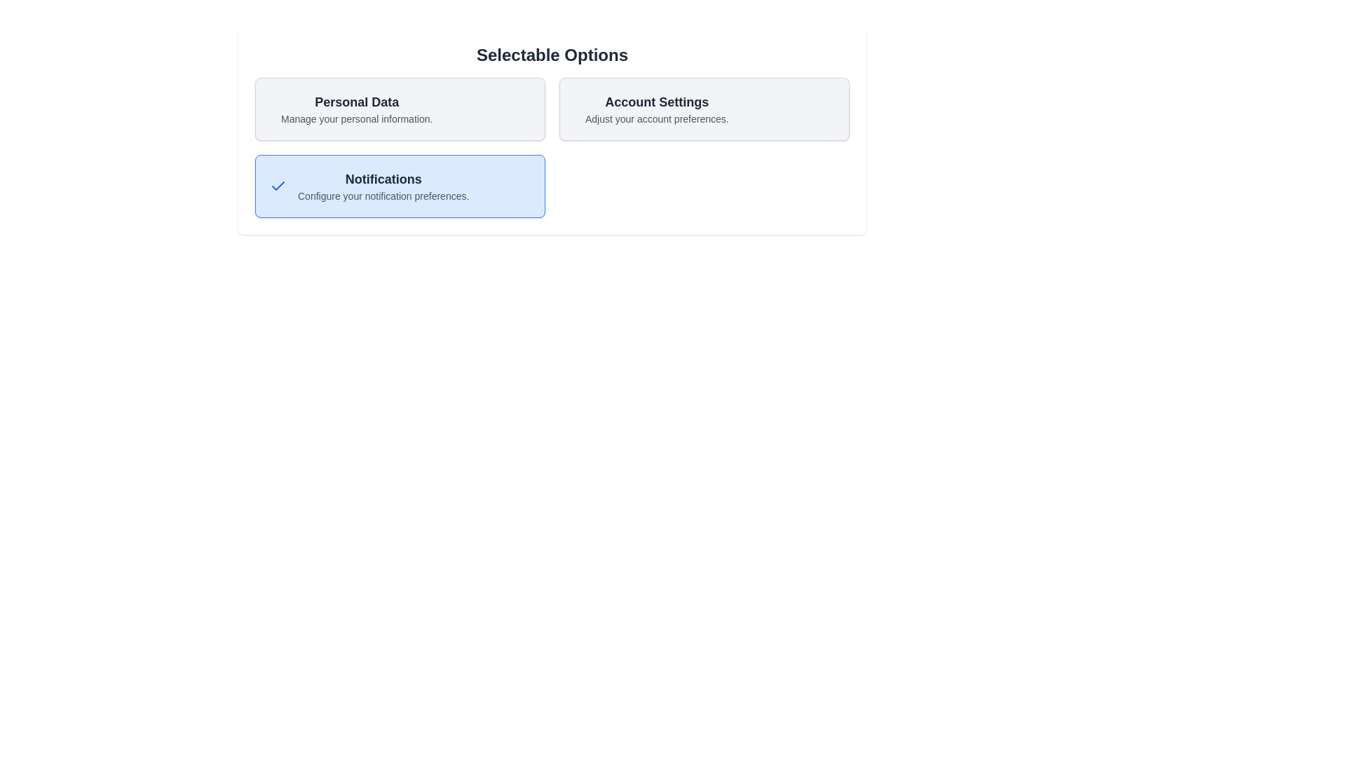 The width and height of the screenshot is (1346, 757). I want to click on the text label that reads 'Account Settings', which is prominently displayed in bold and large dark gray font near the top right of the interface, so click(656, 102).